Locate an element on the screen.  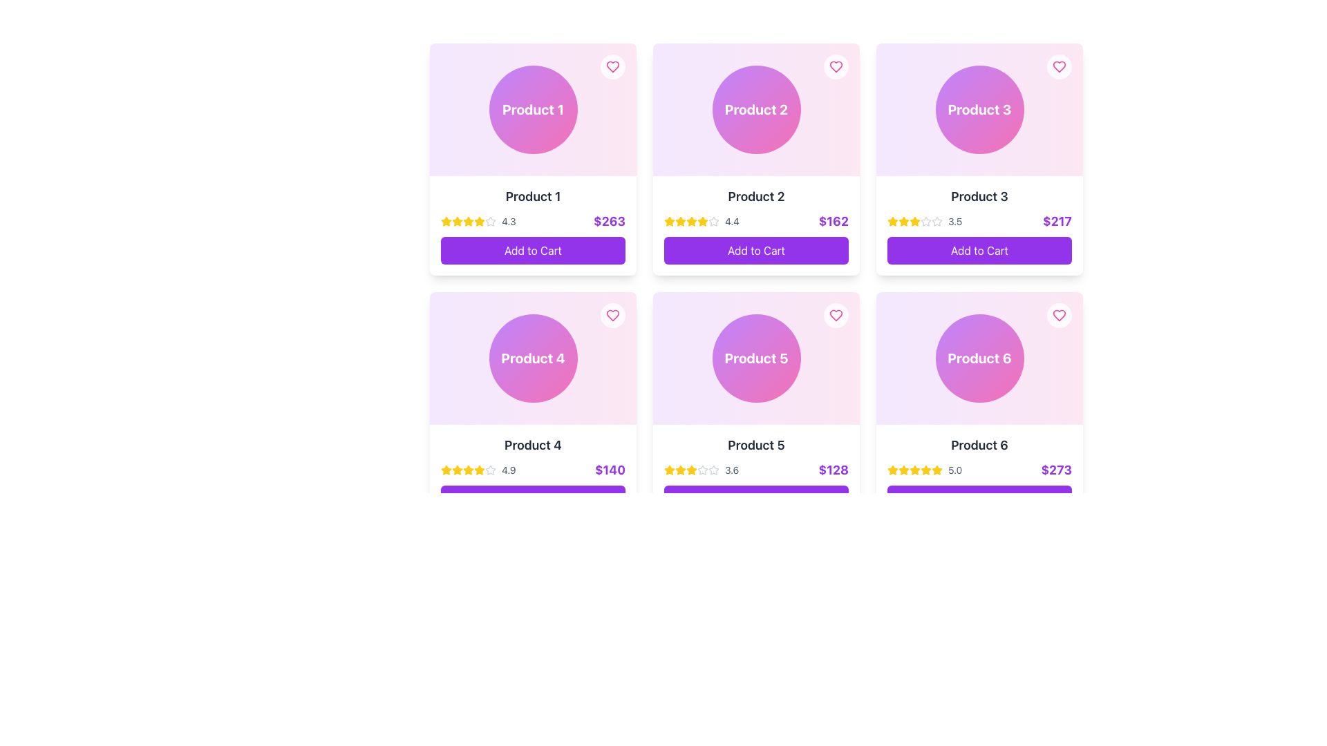
the unachieved star rating icon for 'Product 2' card, which is the eighth star in a sequence of stars to the right of seven filled yellow stars is located at coordinates (713, 220).